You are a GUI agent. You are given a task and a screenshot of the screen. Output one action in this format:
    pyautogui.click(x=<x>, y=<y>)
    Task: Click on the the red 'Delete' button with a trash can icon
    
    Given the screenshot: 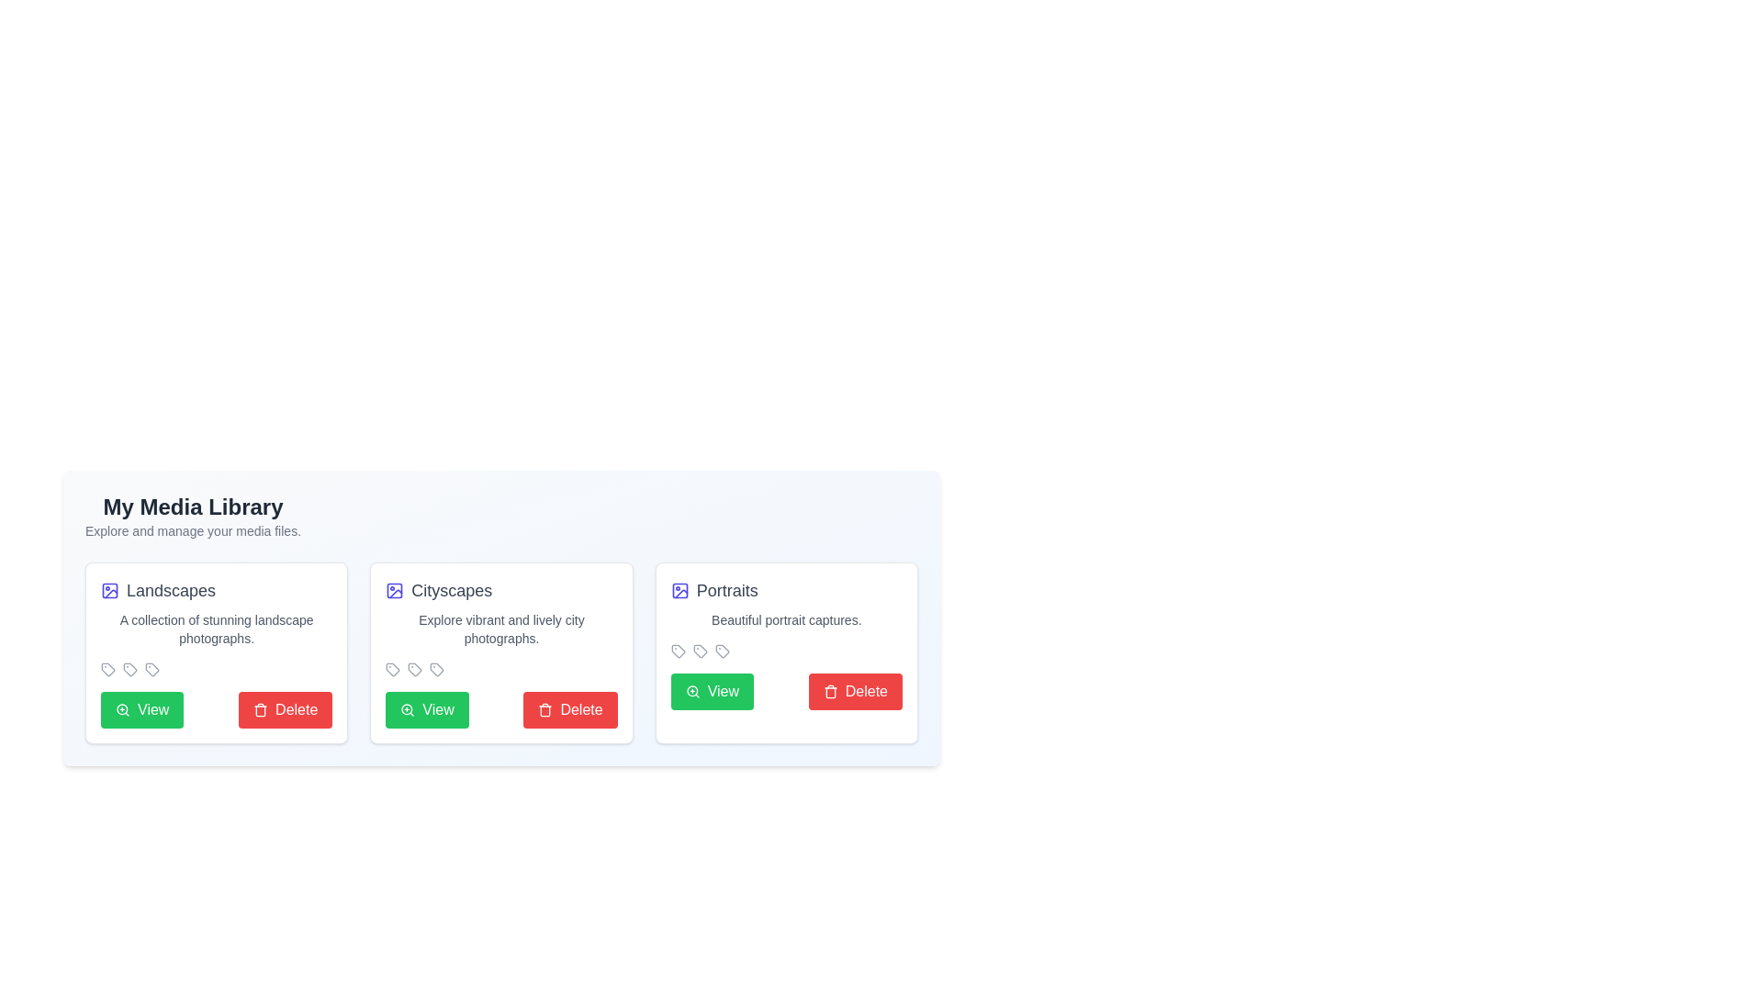 What is the action you would take?
    pyautogui.click(x=854, y=691)
    